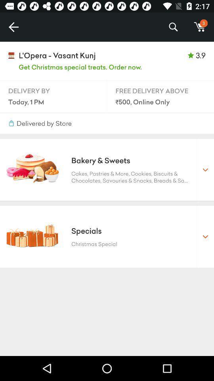  What do you see at coordinates (173, 27) in the screenshot?
I see `the item next to m item` at bounding box center [173, 27].